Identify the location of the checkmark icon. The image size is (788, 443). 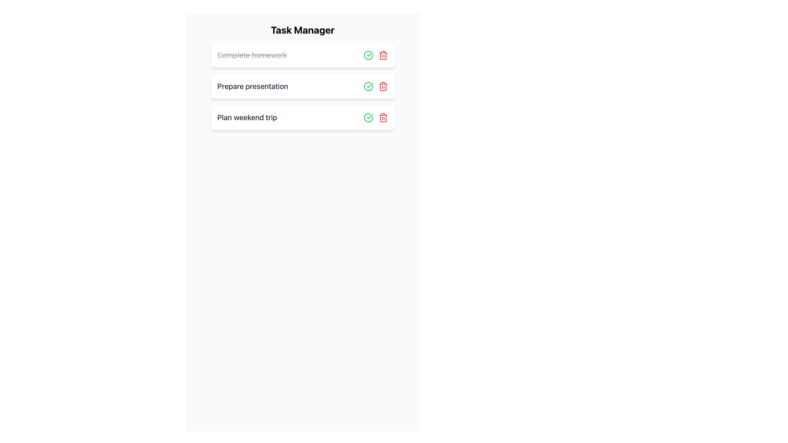
(369, 116).